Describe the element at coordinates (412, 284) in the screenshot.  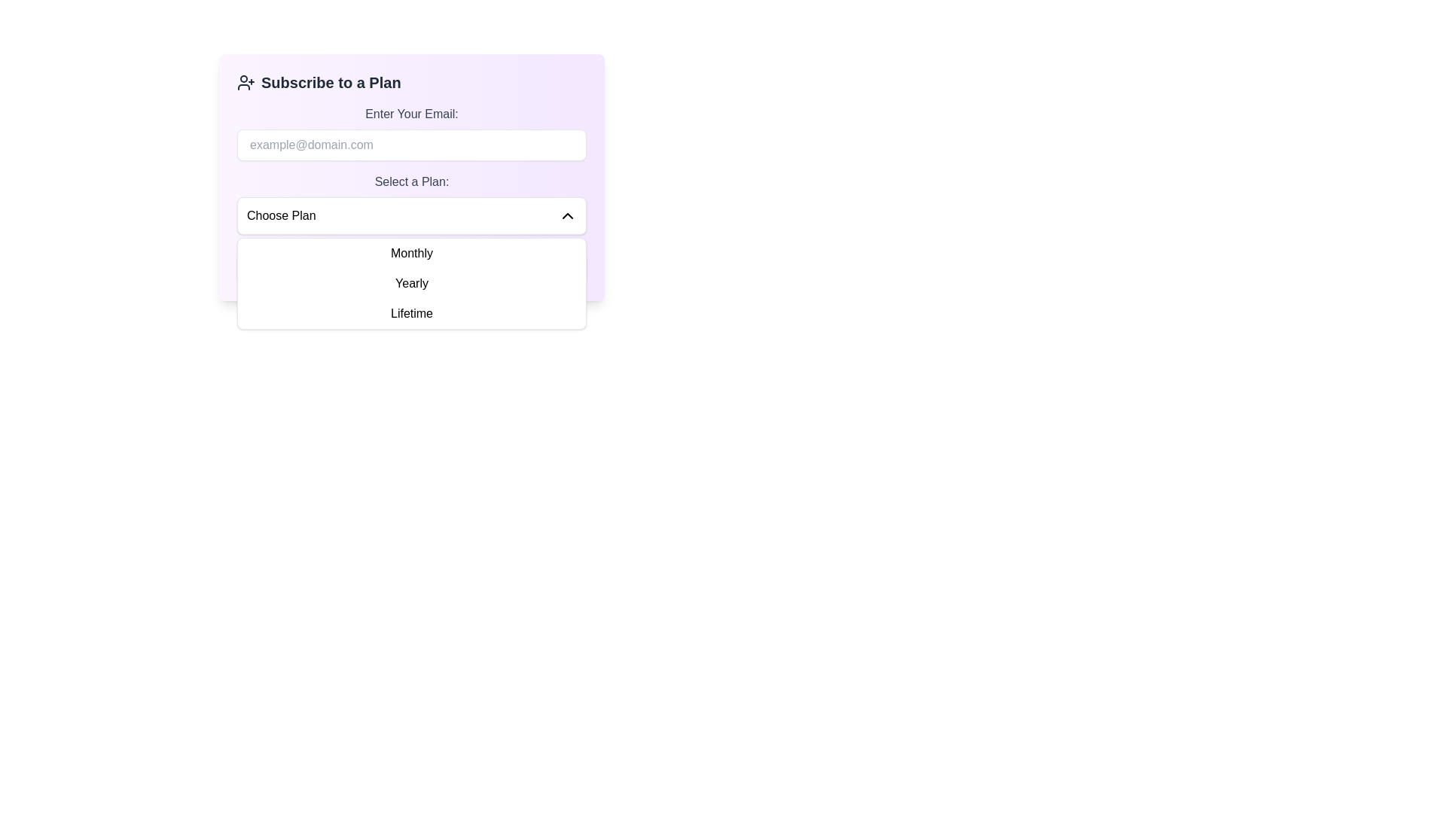
I see `the 'Yearly' option in the subscription plan menu, which is the second item in a vertical list of three options ('Monthly', 'Yearly', 'Lifetime')` at that location.